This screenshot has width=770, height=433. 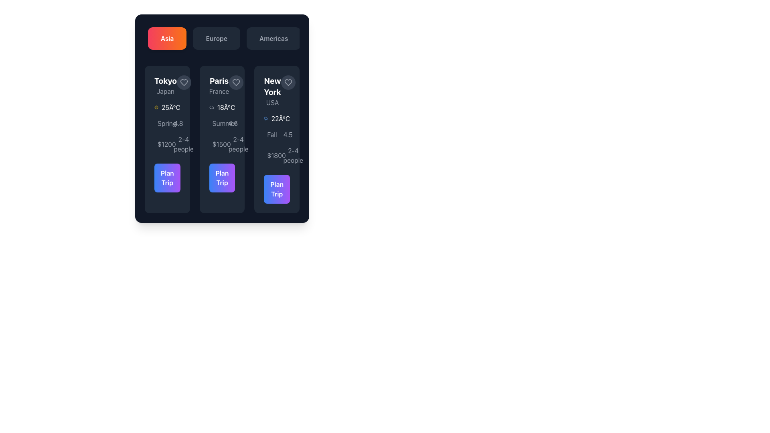 What do you see at coordinates (236, 82) in the screenshot?
I see `the heart icon located in the center-top section of the card labeled 'Paris, France'` at bounding box center [236, 82].